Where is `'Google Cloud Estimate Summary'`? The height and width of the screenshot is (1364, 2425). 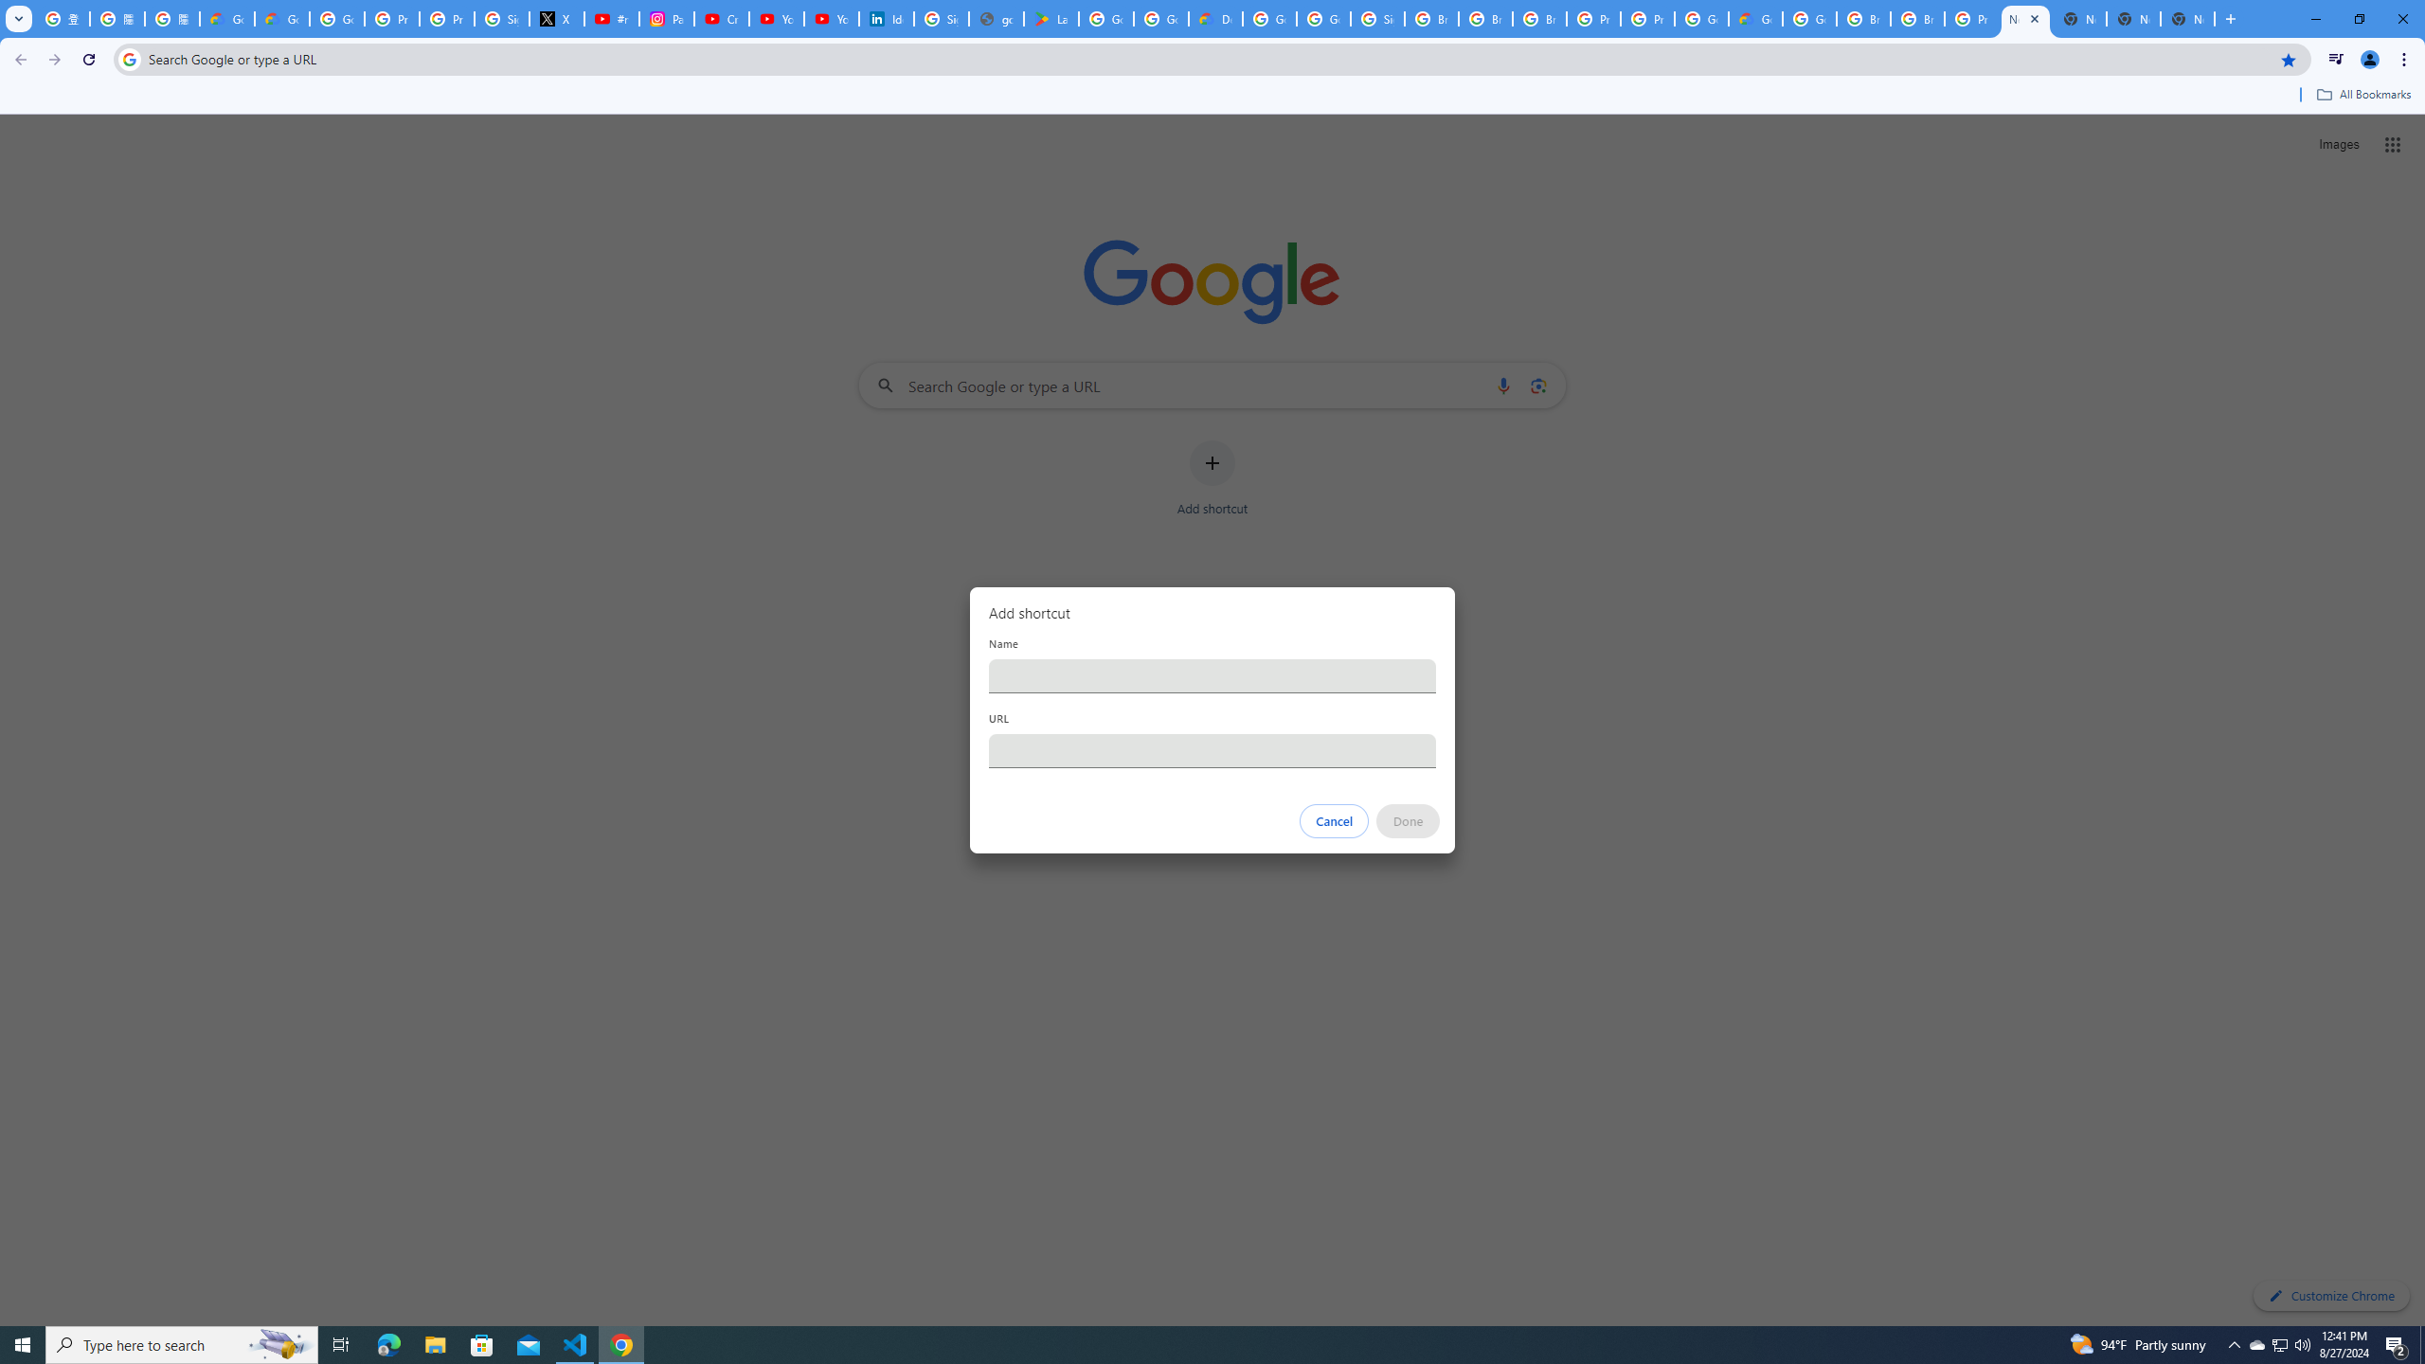
'Google Cloud Estimate Summary' is located at coordinates (1754, 18).